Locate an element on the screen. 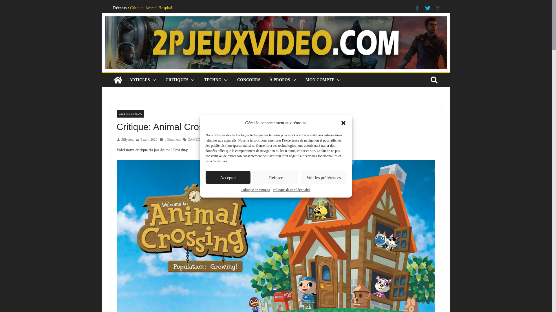 Image resolution: width=556 pixels, height=312 pixels. 'MON COMPTE' is located at coordinates (319, 80).